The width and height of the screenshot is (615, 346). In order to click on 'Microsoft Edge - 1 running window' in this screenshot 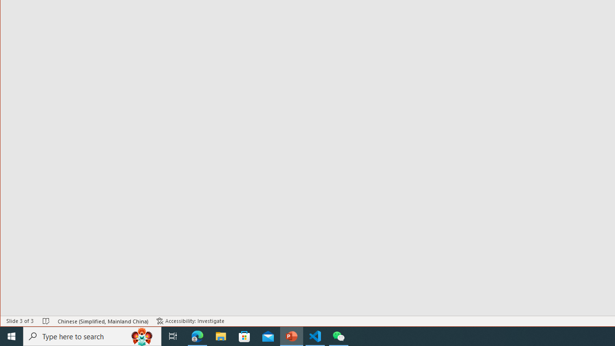, I will do `click(197, 335)`.